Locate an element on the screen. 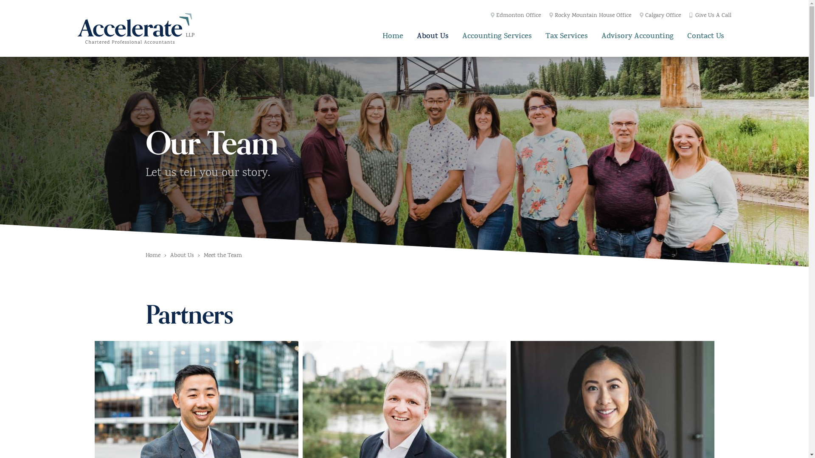 This screenshot has width=815, height=458. 'Meet the Team' is located at coordinates (222, 256).